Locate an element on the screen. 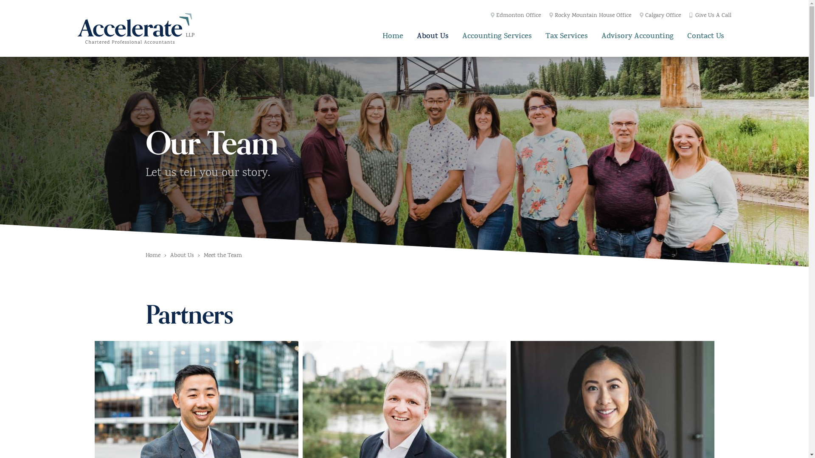 This screenshot has width=815, height=458. 'Meet the Team' is located at coordinates (222, 256).